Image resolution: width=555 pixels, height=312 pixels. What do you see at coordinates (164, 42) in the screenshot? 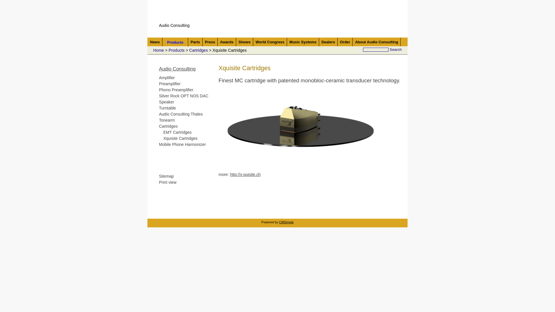
I see `'Products'` at bounding box center [164, 42].